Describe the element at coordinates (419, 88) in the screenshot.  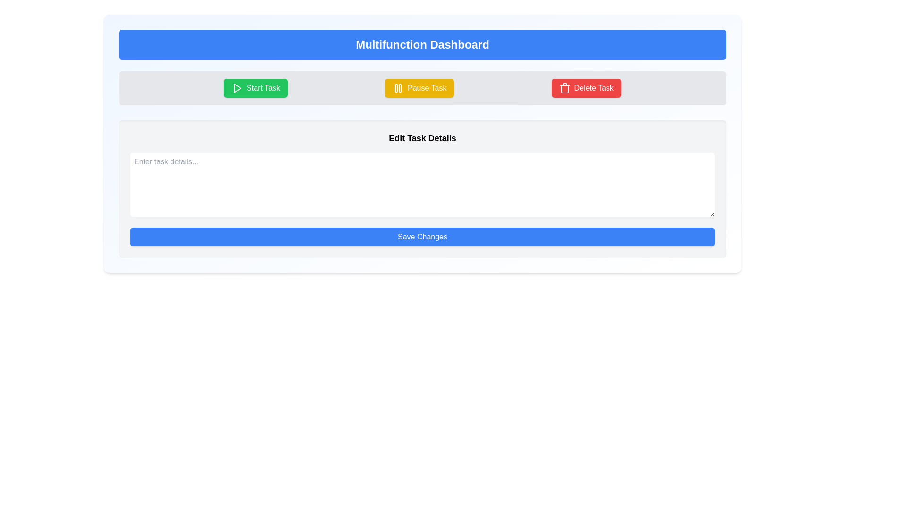
I see `the middle button in a horizontal row of three buttons` at that location.